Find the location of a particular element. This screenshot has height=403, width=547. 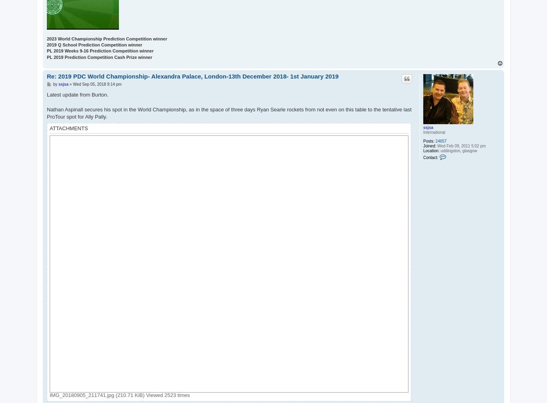

'Latest update from Burton.' is located at coordinates (77, 95).